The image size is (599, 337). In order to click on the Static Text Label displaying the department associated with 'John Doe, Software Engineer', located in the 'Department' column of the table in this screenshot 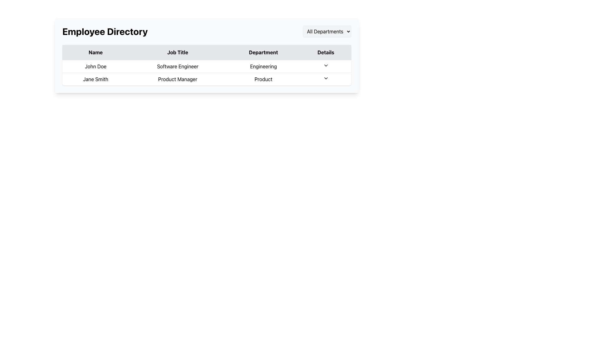, I will do `click(263, 66)`.